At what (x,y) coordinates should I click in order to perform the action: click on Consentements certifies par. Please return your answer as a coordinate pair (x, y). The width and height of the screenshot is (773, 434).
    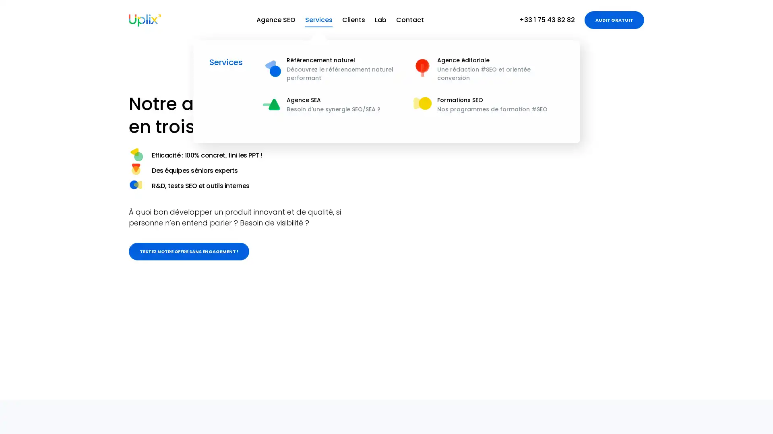
    Looking at the image, I should click on (680, 380).